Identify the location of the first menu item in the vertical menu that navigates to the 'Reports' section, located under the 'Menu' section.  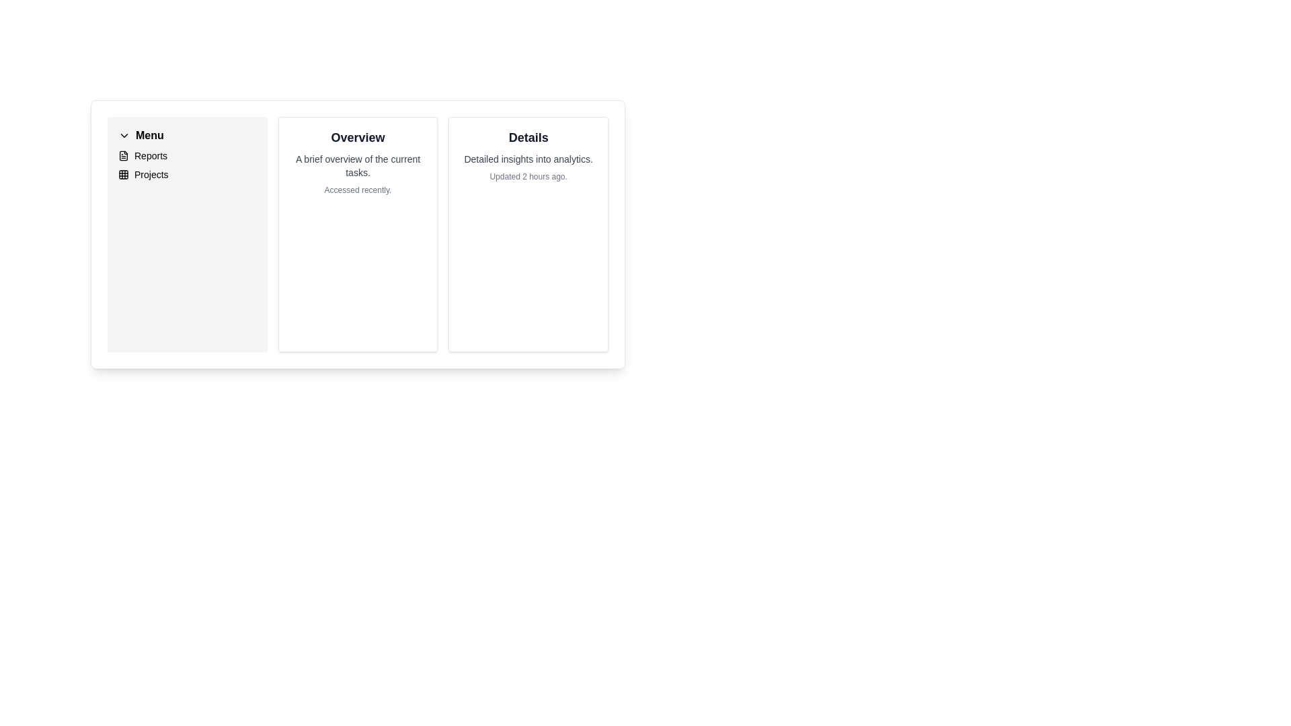
(186, 155).